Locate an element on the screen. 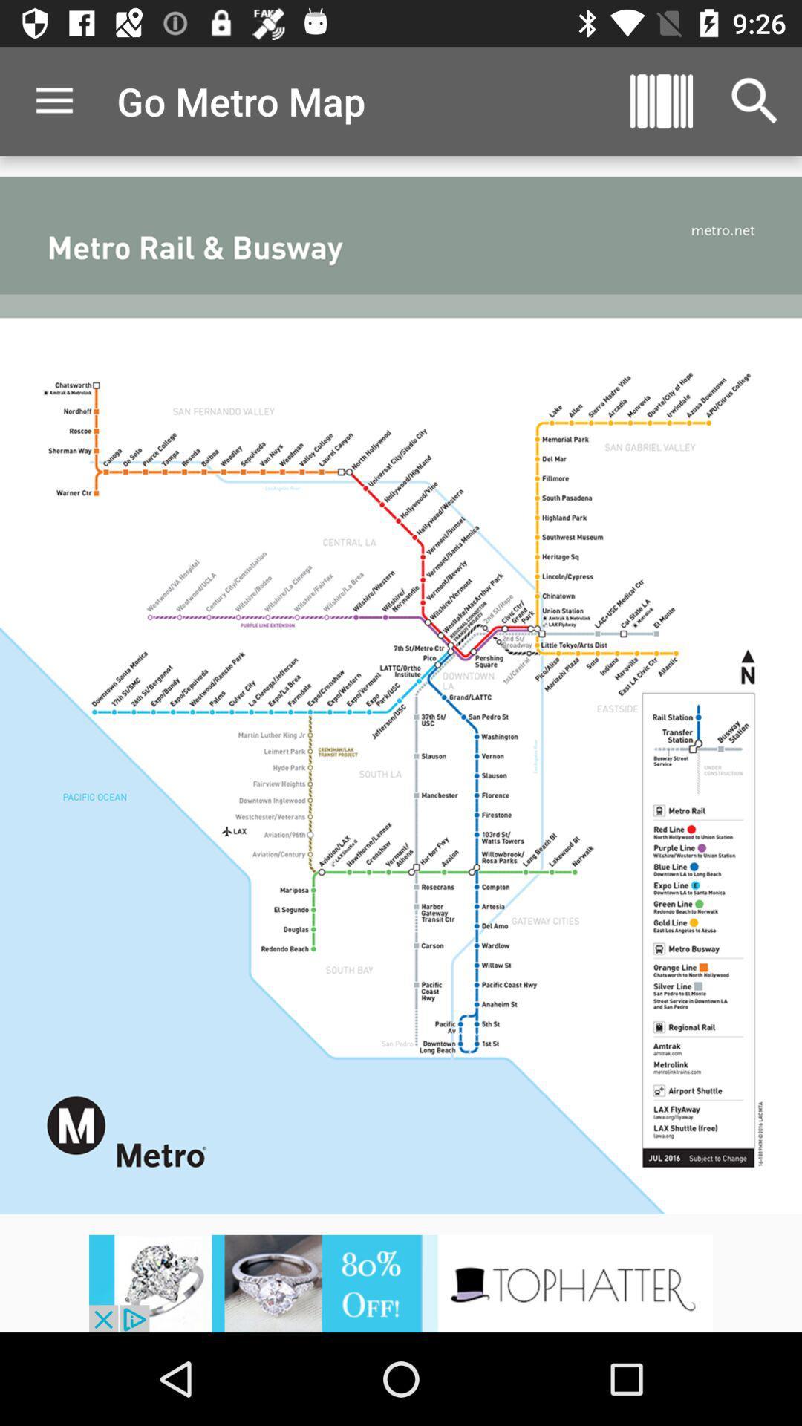 The height and width of the screenshot is (1426, 802). open advertisement is located at coordinates (401, 1283).